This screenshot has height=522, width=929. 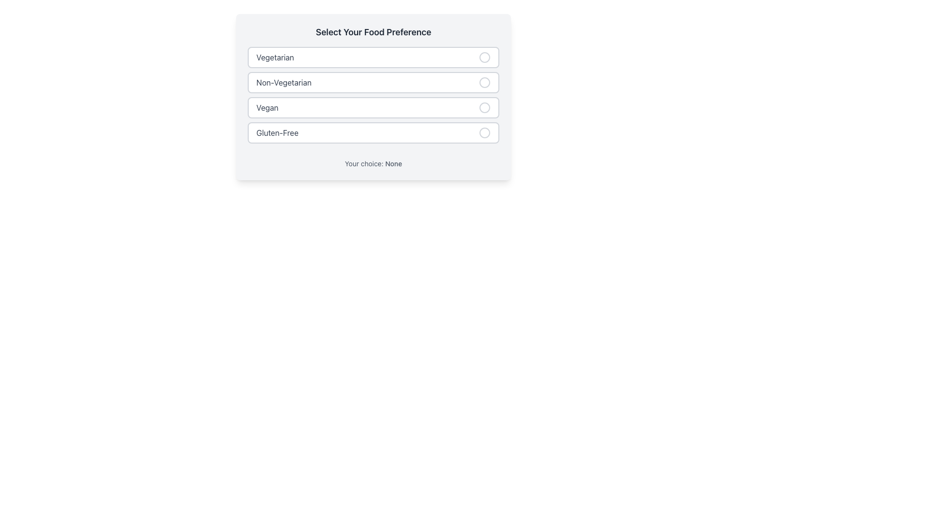 I want to click on the radio button marker corresponding to the 'Vegetarian' option, so click(x=485, y=58).